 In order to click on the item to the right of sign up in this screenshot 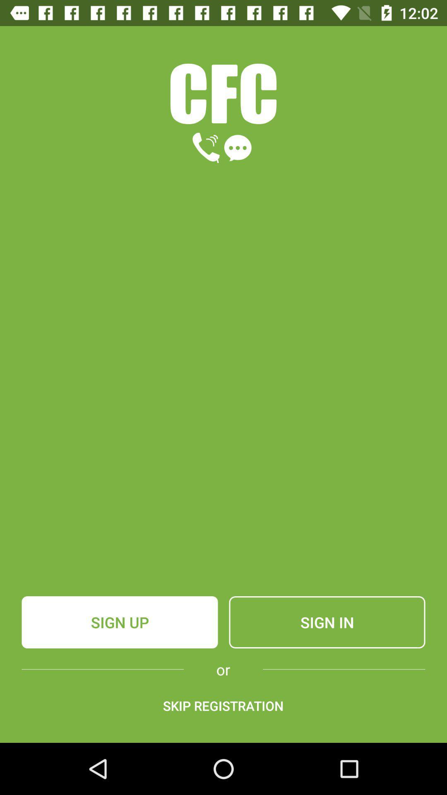, I will do `click(327, 622)`.